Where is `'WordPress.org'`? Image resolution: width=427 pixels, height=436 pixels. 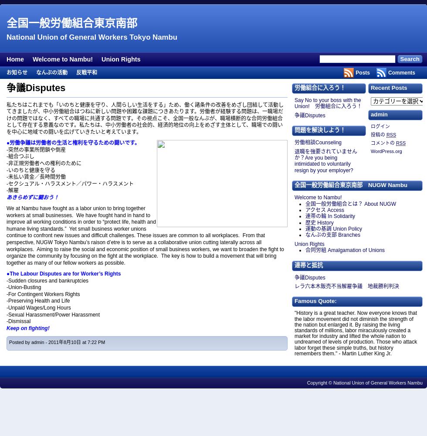 'WordPress.org' is located at coordinates (371, 150).